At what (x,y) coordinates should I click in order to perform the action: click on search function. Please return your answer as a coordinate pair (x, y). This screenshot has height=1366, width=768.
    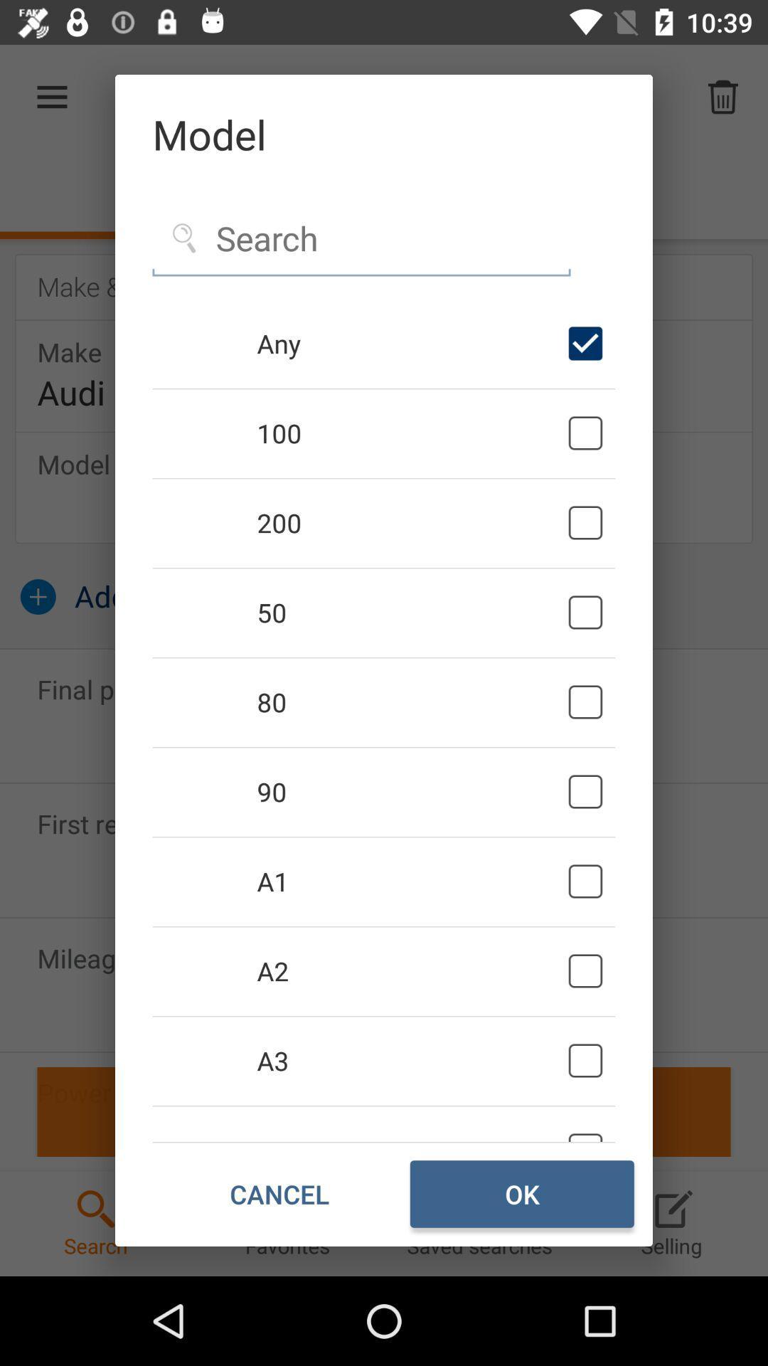
    Looking at the image, I should click on (361, 239).